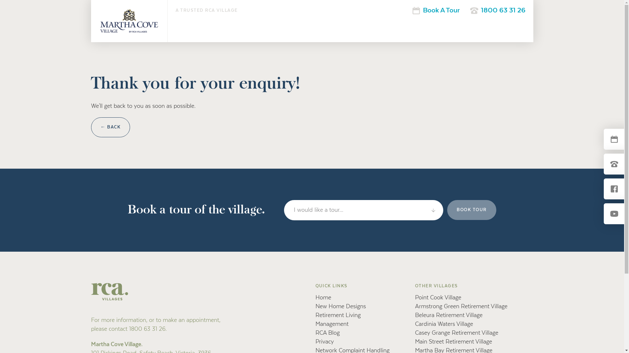 This screenshot has width=629, height=353. Describe the element at coordinates (456, 333) in the screenshot. I see `'Casey Grange Retirement Village'` at that location.